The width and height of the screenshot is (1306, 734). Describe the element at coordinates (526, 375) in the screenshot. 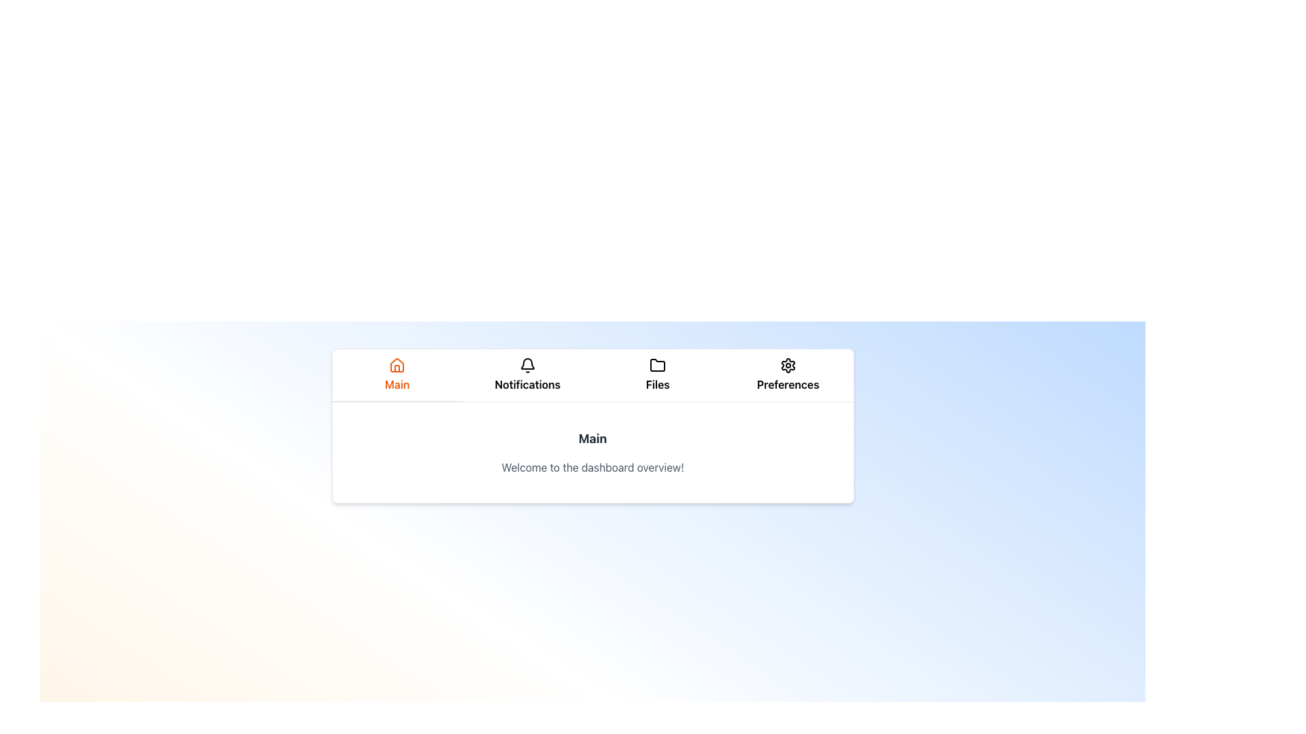

I see `the notifications button located in the top center navigation bar, which is the second item between 'Main' and 'Files'` at that location.